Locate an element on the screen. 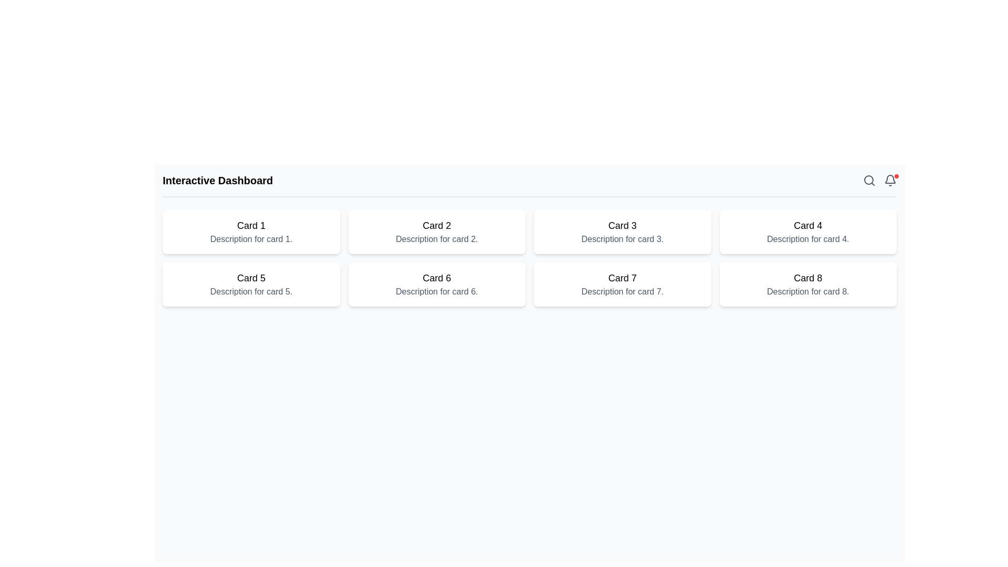 Image resolution: width=1008 pixels, height=567 pixels. the notification bell icon with a red badge is located at coordinates (889, 180).